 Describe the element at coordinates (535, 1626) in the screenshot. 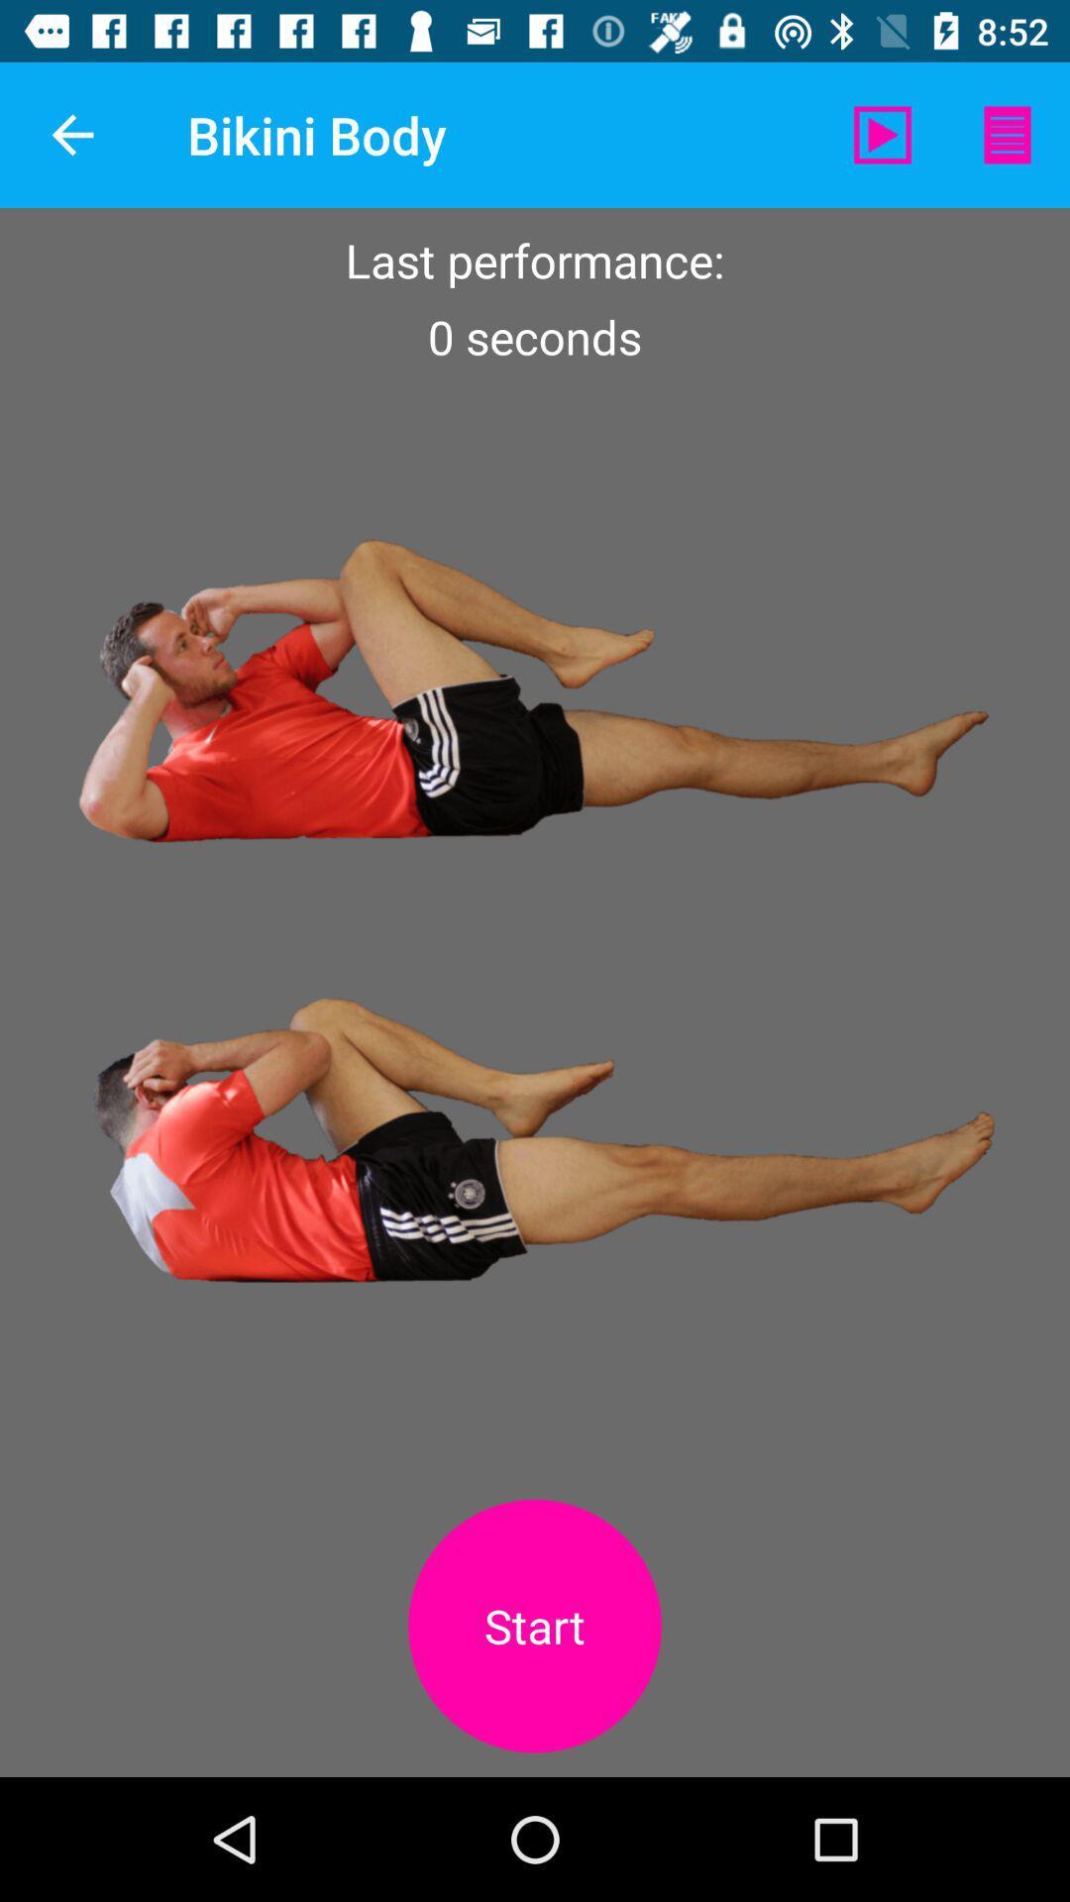

I see `start the exercise` at that location.